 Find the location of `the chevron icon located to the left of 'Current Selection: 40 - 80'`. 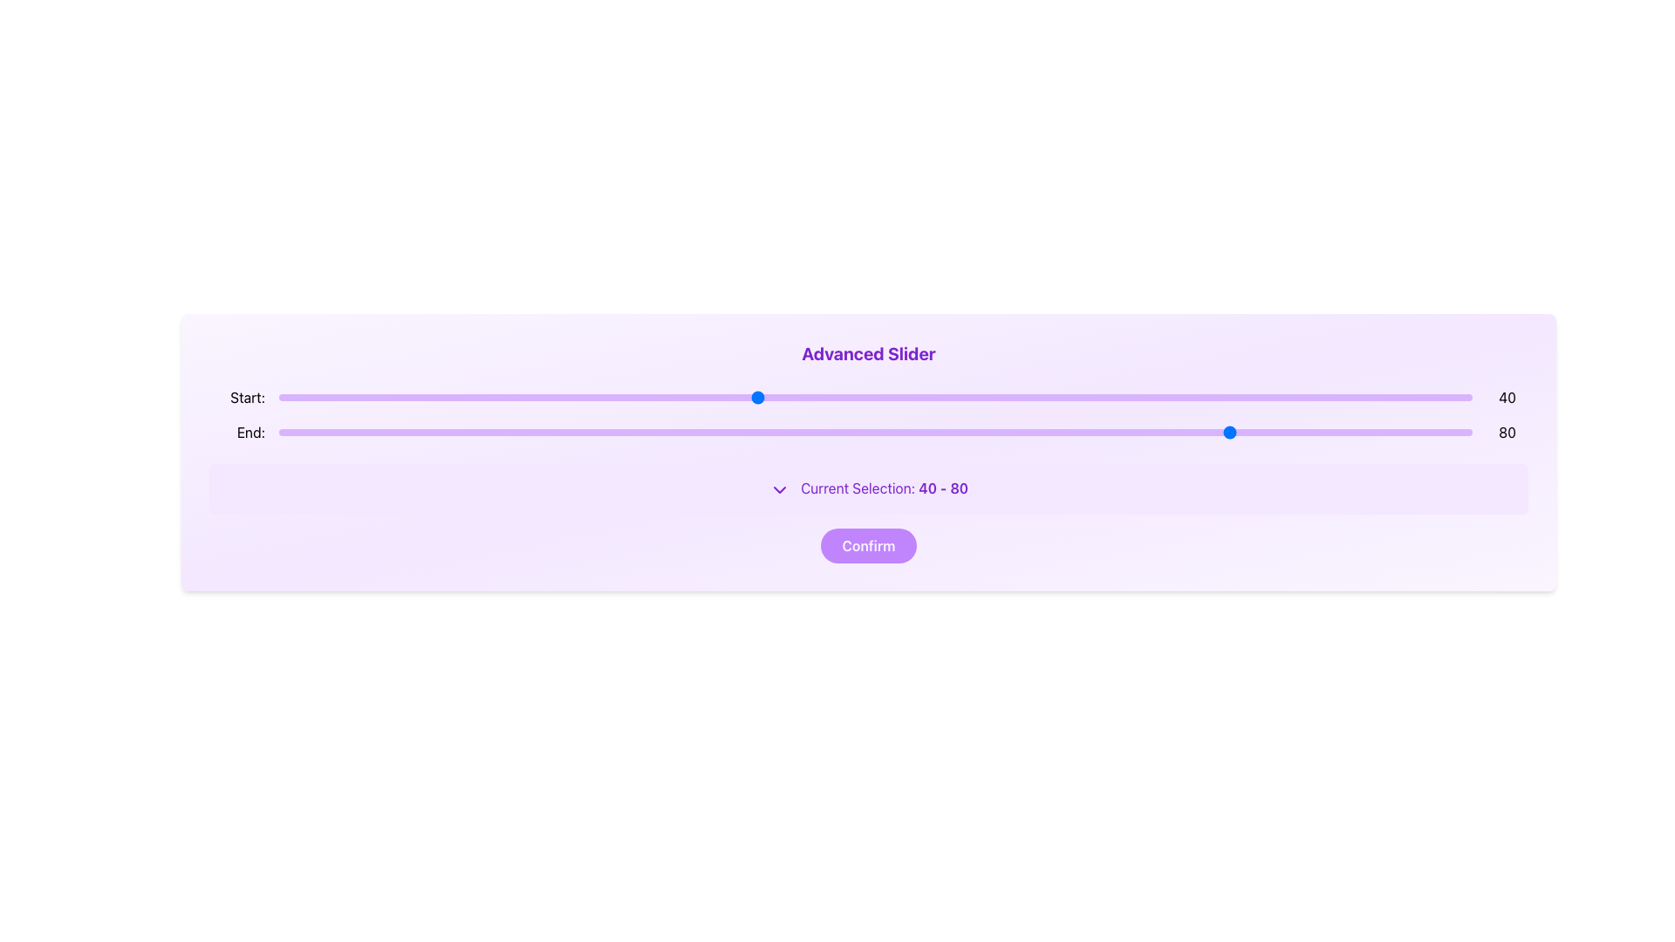

the chevron icon located to the left of 'Current Selection: 40 - 80' is located at coordinates (778, 489).